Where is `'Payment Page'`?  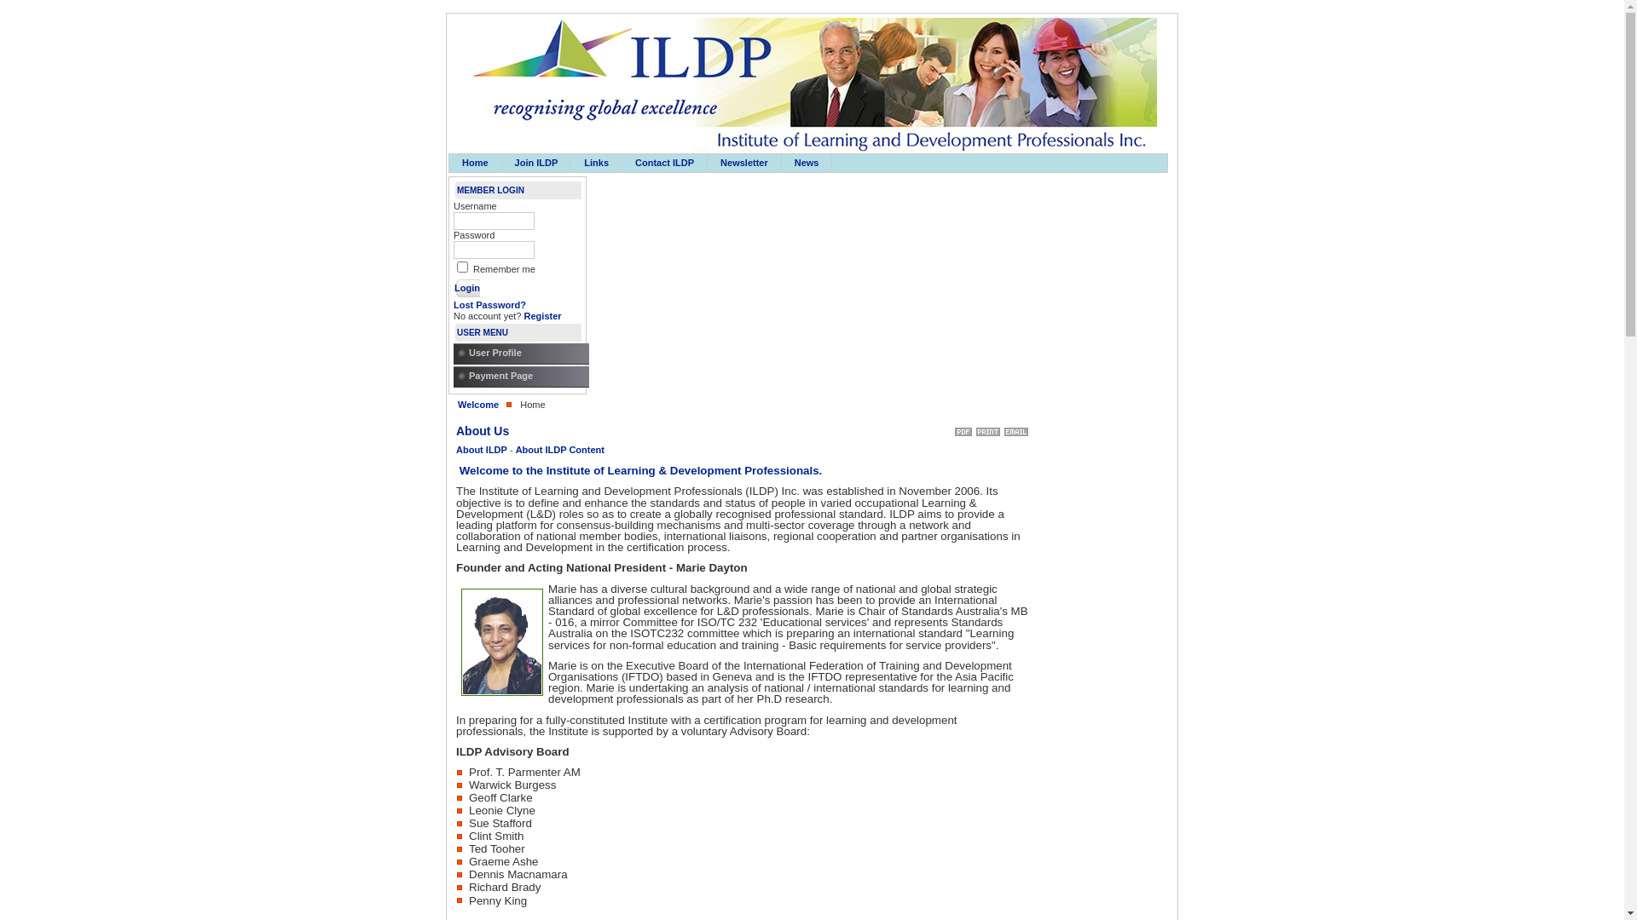
'Payment Page' is located at coordinates (523, 376).